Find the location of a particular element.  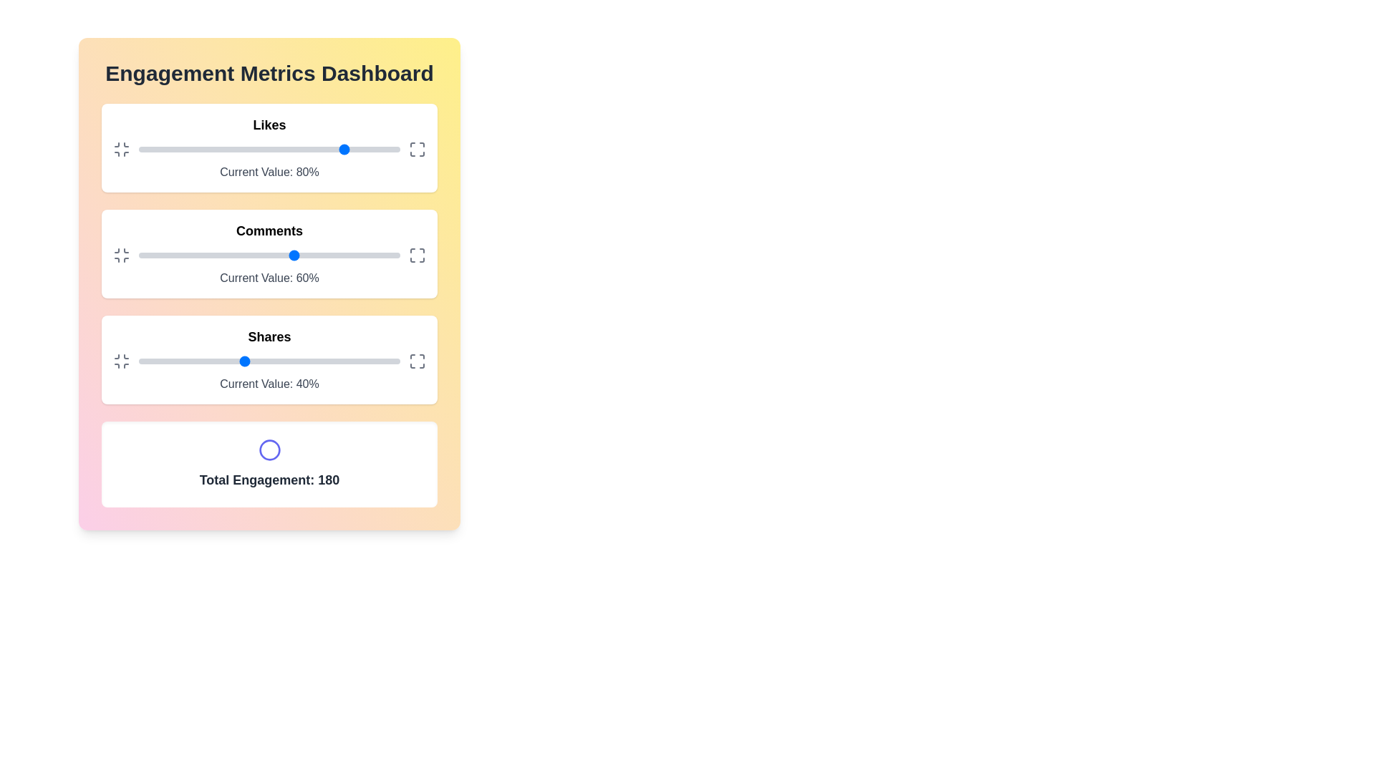

the likes slider is located at coordinates (251, 149).